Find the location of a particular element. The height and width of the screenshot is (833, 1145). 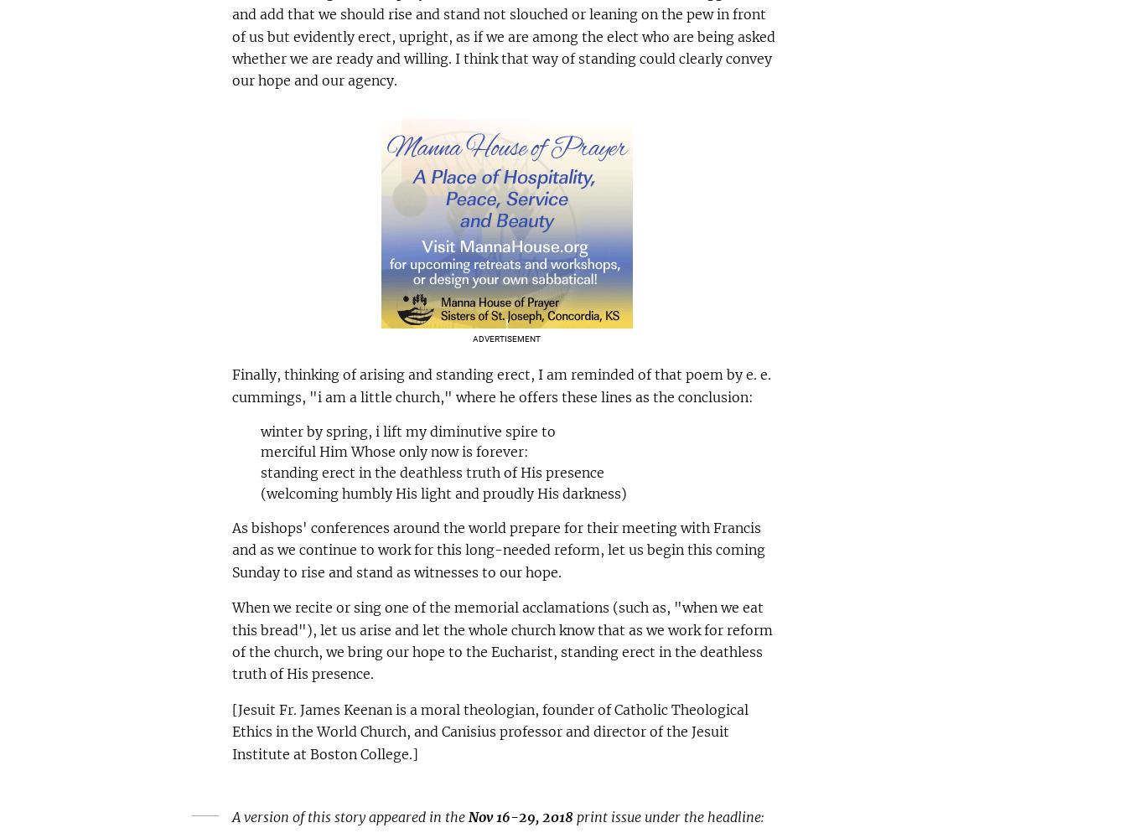

'winter by spring, i lift my diminutive spire to' is located at coordinates (407, 430).